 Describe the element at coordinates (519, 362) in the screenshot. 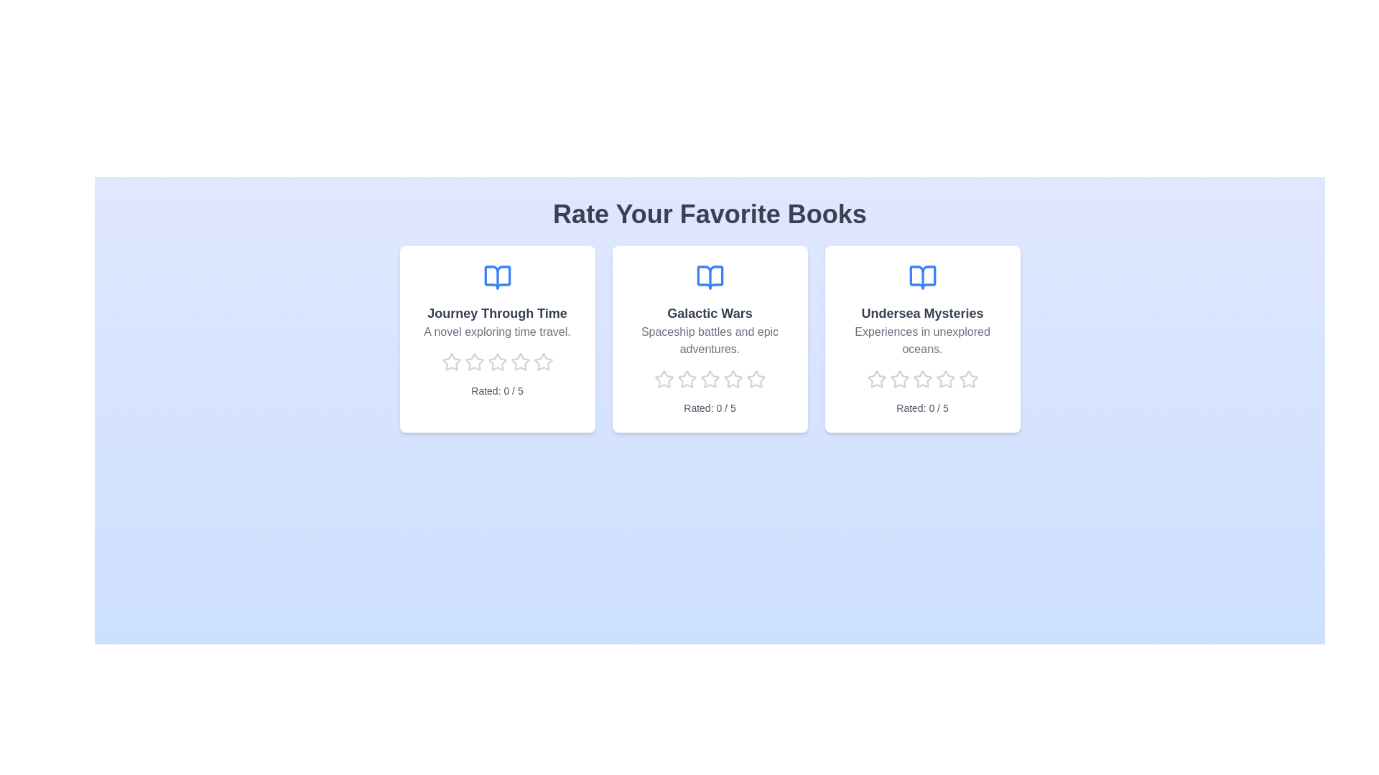

I see `the rating of a book to 4 stars by clicking on the corresponding star` at that location.